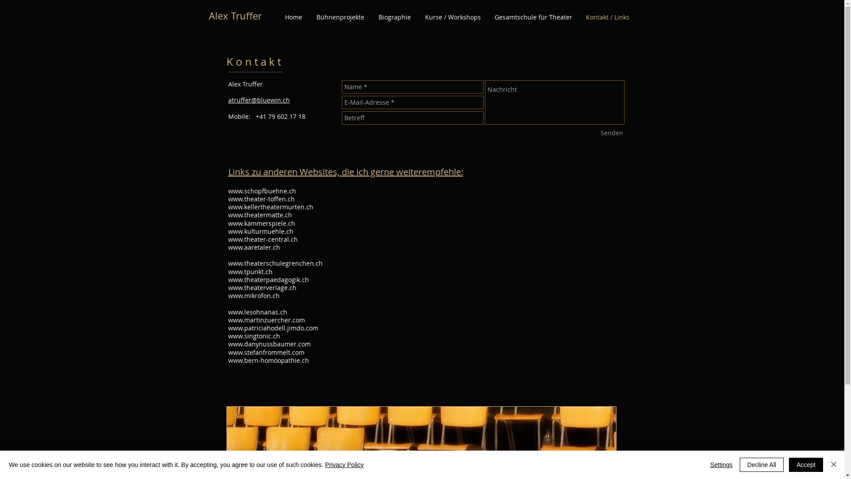 Image resolution: width=851 pixels, height=479 pixels. Describe the element at coordinates (258, 100) in the screenshot. I see `'atruffer@bluewin.ch'` at that location.